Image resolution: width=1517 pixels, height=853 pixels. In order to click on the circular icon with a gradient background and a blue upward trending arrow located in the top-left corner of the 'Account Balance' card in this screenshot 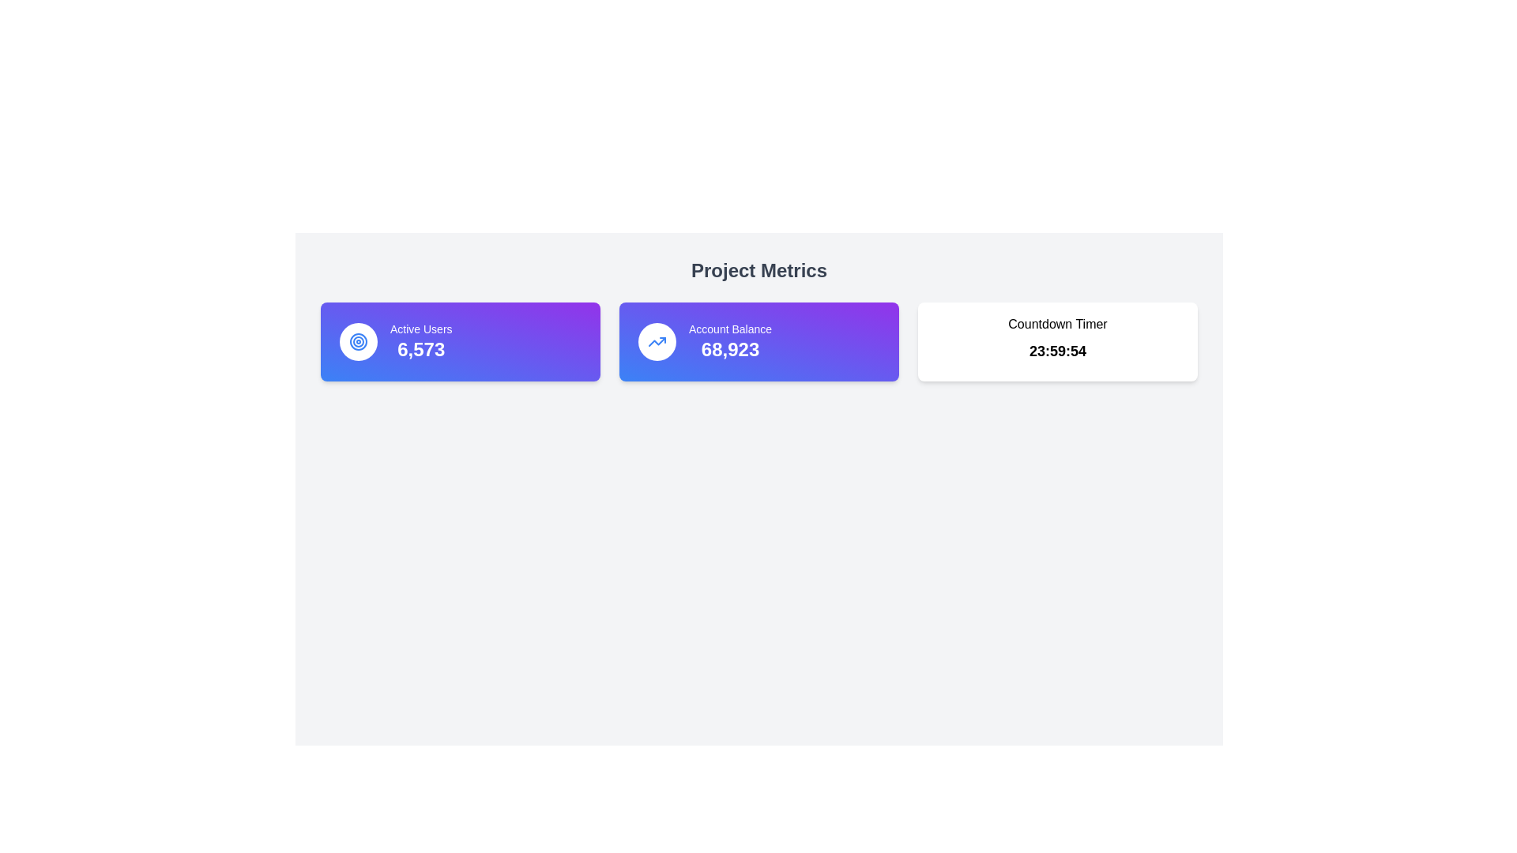, I will do `click(657, 340)`.